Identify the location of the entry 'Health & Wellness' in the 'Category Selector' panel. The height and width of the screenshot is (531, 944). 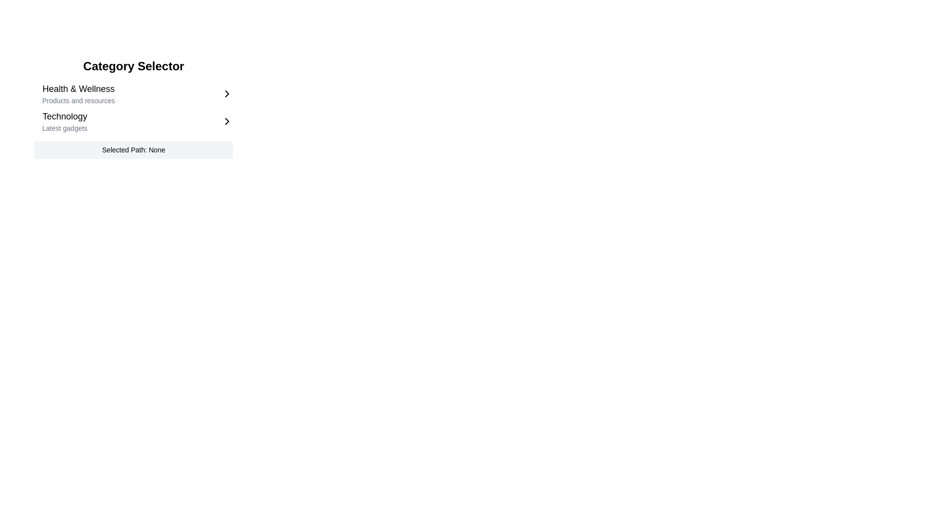
(133, 108).